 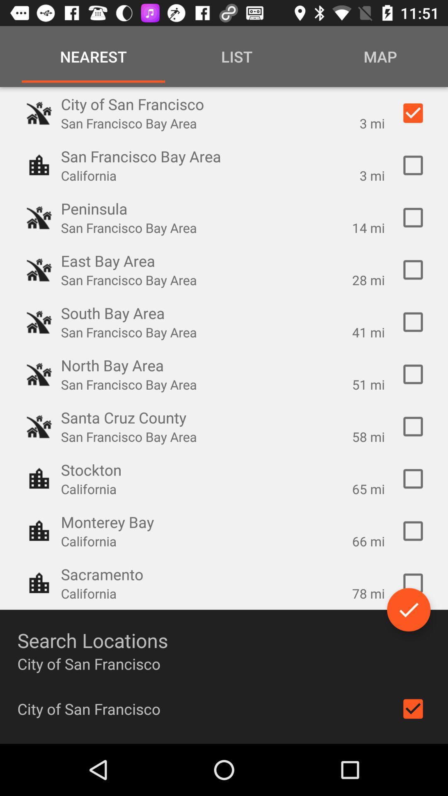 What do you see at coordinates (413, 270) in the screenshot?
I see `this city` at bounding box center [413, 270].